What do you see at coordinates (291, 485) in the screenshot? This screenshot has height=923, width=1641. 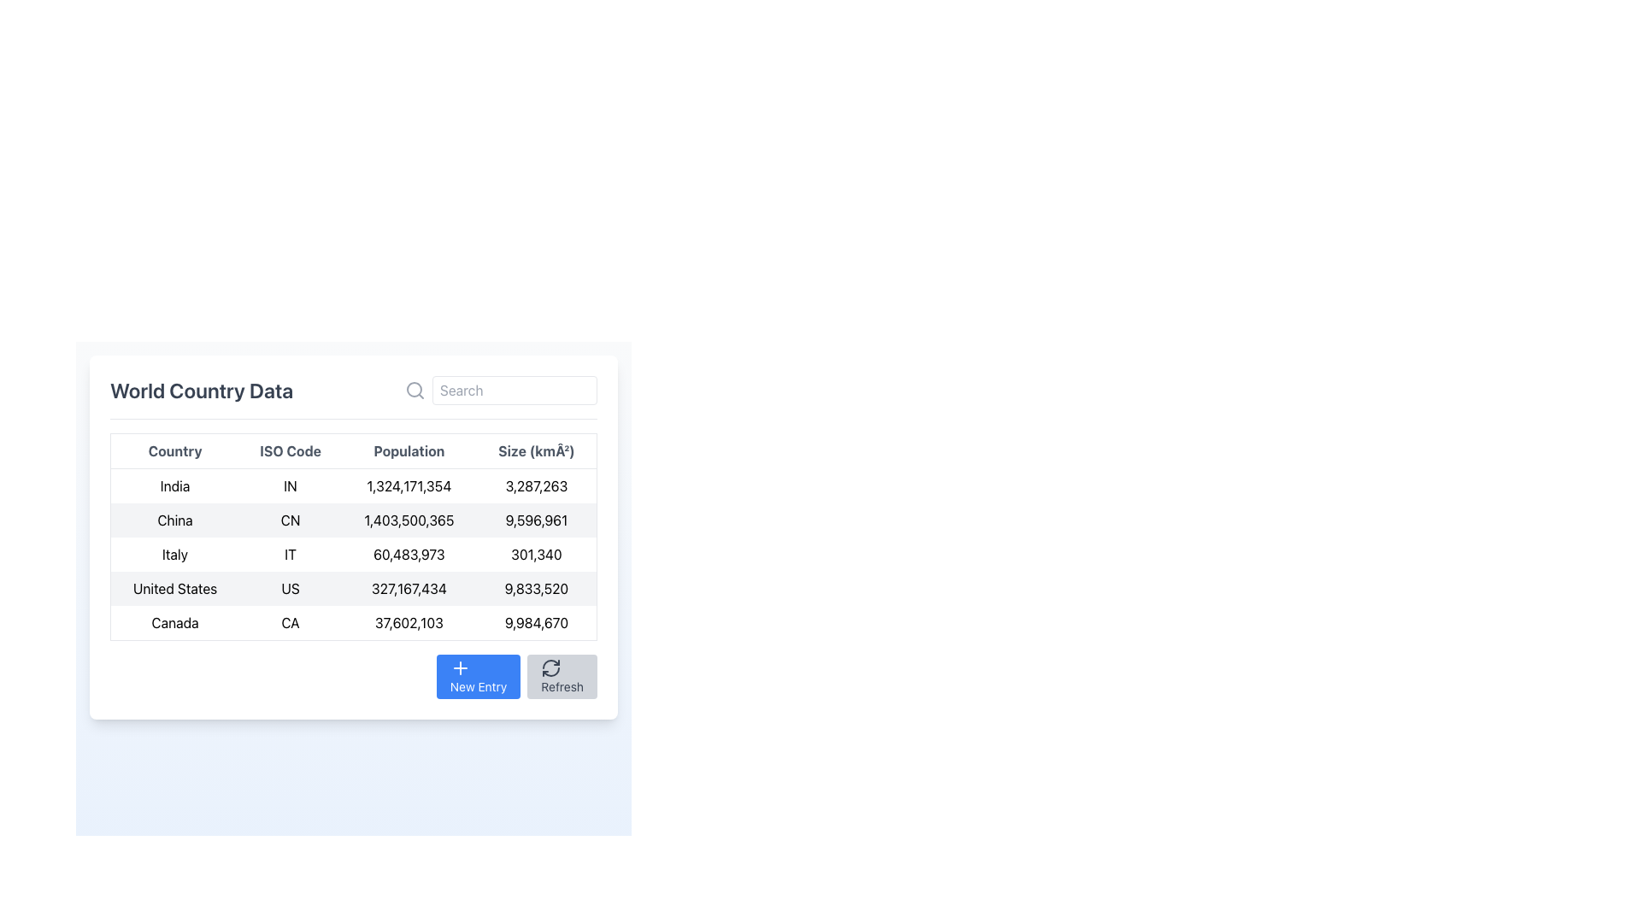 I see `the static text displaying the ISO code for India, located in the second column of the table row associated with 'India'` at bounding box center [291, 485].